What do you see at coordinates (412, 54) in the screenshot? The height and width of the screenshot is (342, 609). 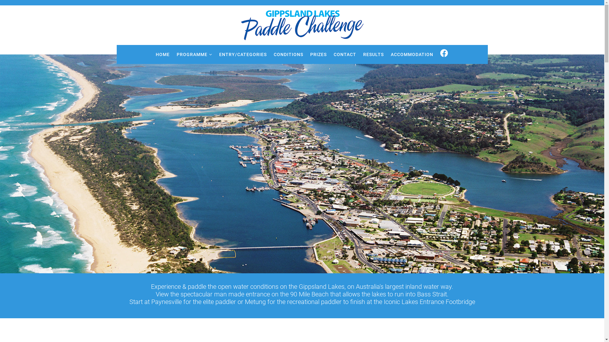 I see `'ACCOMMODATION'` at bounding box center [412, 54].